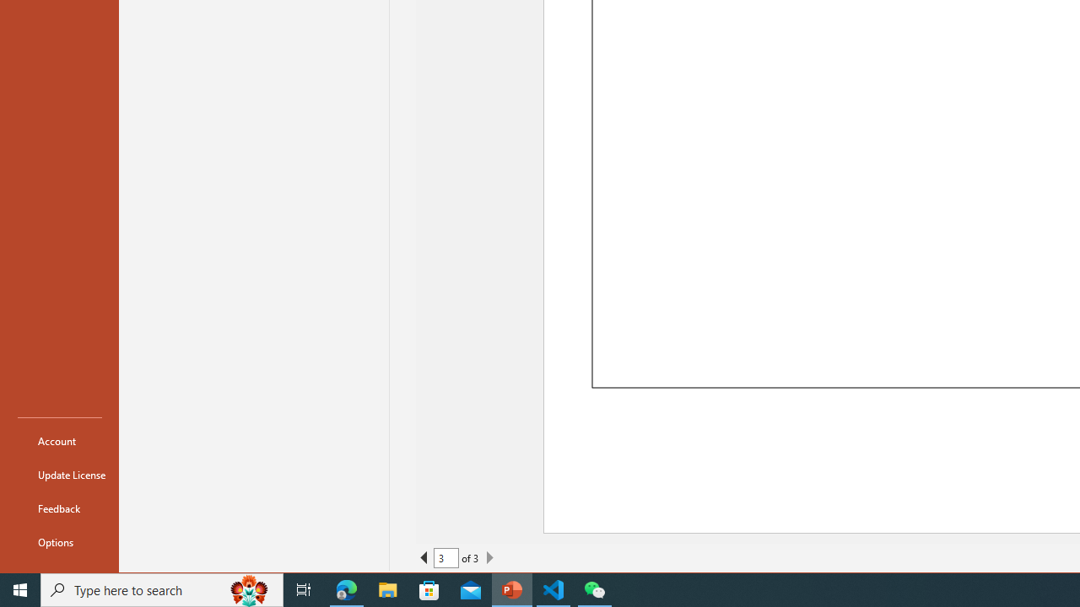  Describe the element at coordinates (60, 440) in the screenshot. I see `'Account'` at that location.